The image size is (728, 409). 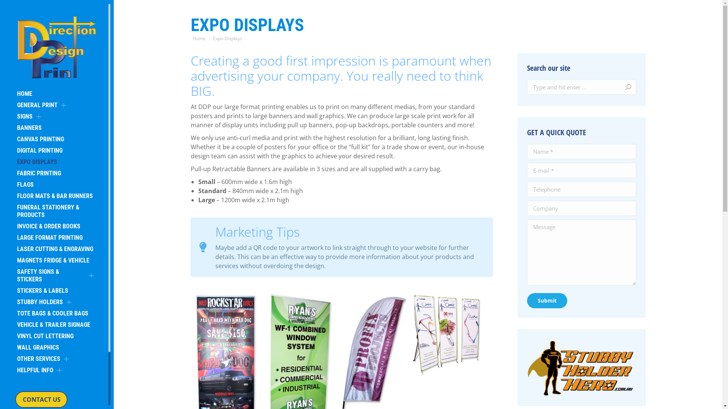 What do you see at coordinates (56, 211) in the screenshot?
I see `'FUNERAL STATIONERY & PRODUCTS'` at bounding box center [56, 211].